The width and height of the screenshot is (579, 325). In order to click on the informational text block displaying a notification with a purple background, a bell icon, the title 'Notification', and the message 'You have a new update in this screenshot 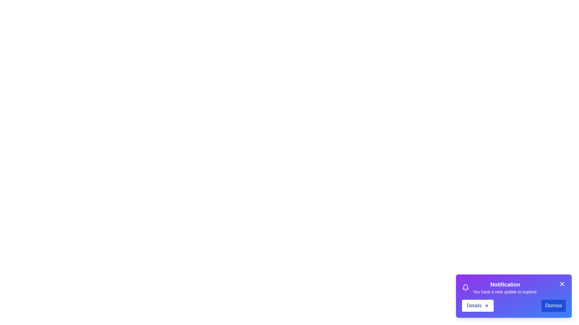, I will do `click(500, 287)`.